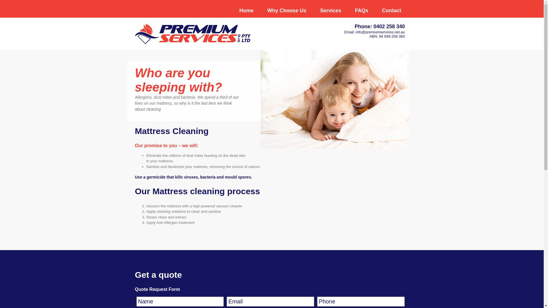 Image resolution: width=548 pixels, height=308 pixels. I want to click on '0402 258 340', so click(389, 26).